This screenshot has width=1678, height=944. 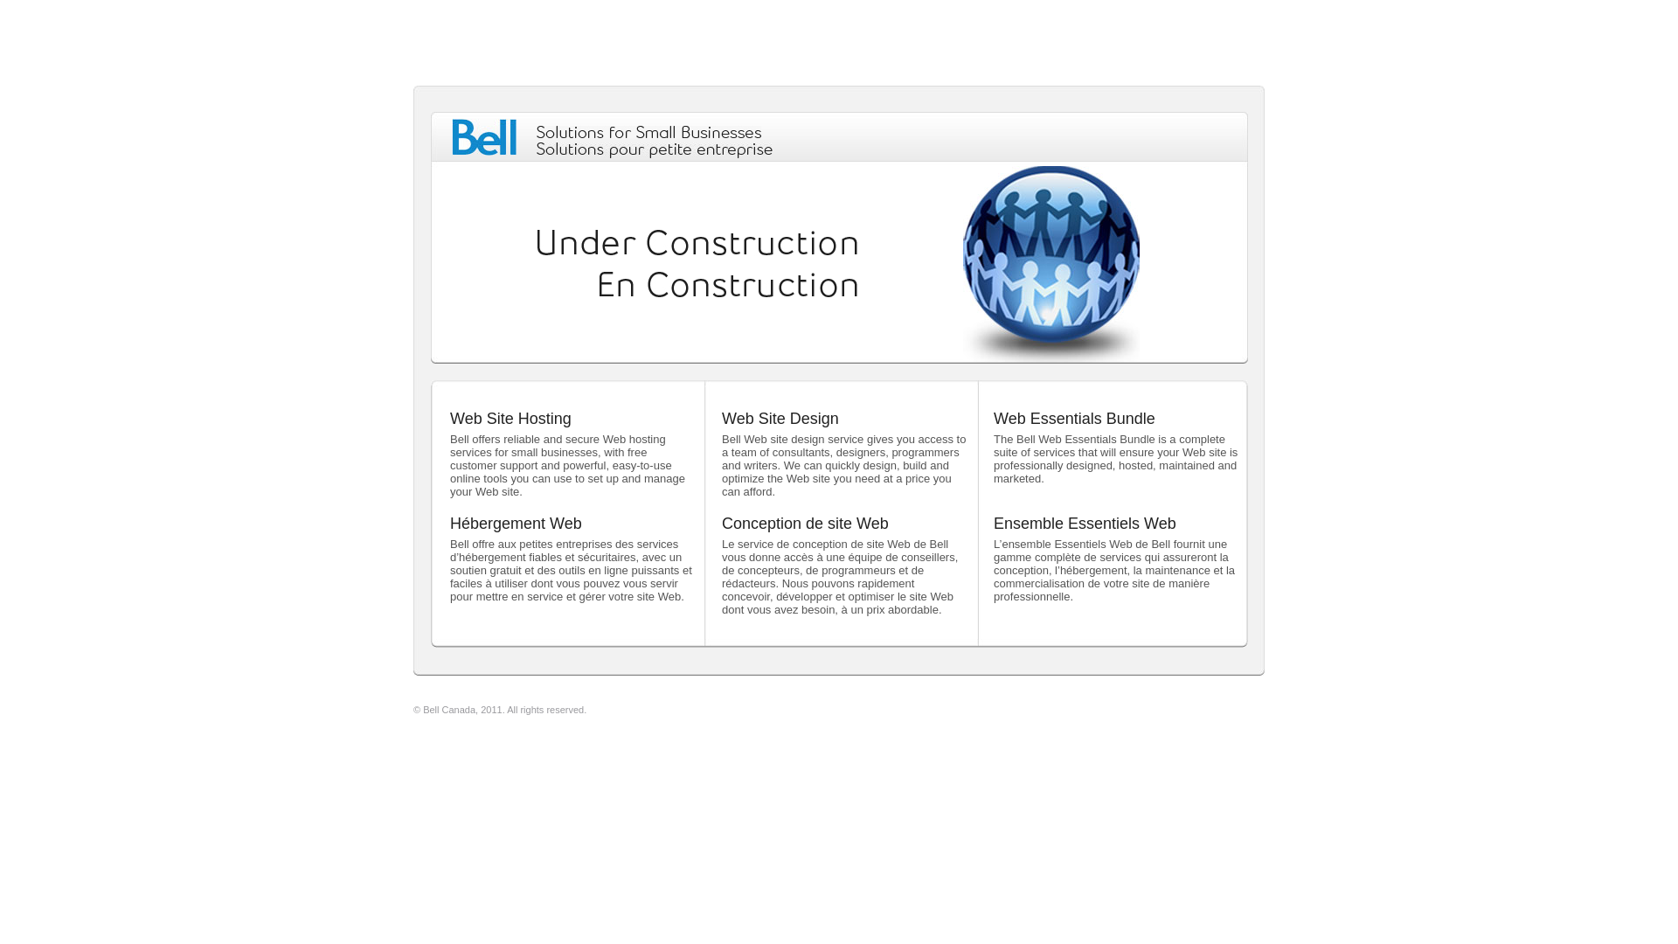 I want to click on 'Solutions for Small Businesses', so click(x=648, y=130).